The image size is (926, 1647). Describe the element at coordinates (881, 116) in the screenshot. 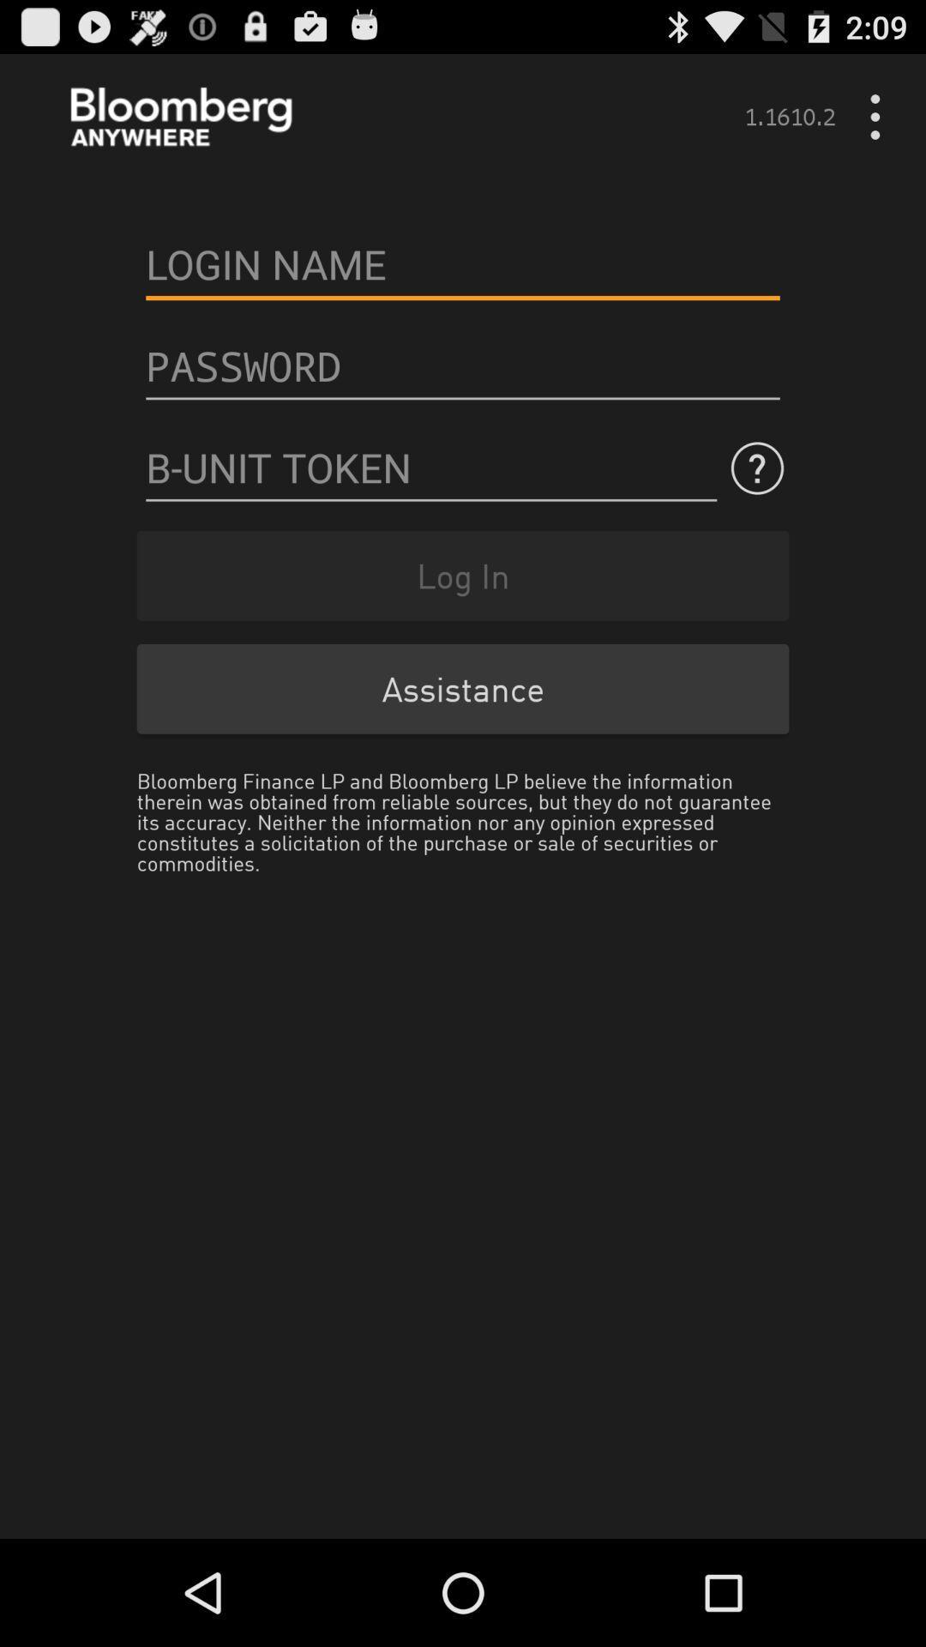

I see `item to the right of 1.1610.2` at that location.